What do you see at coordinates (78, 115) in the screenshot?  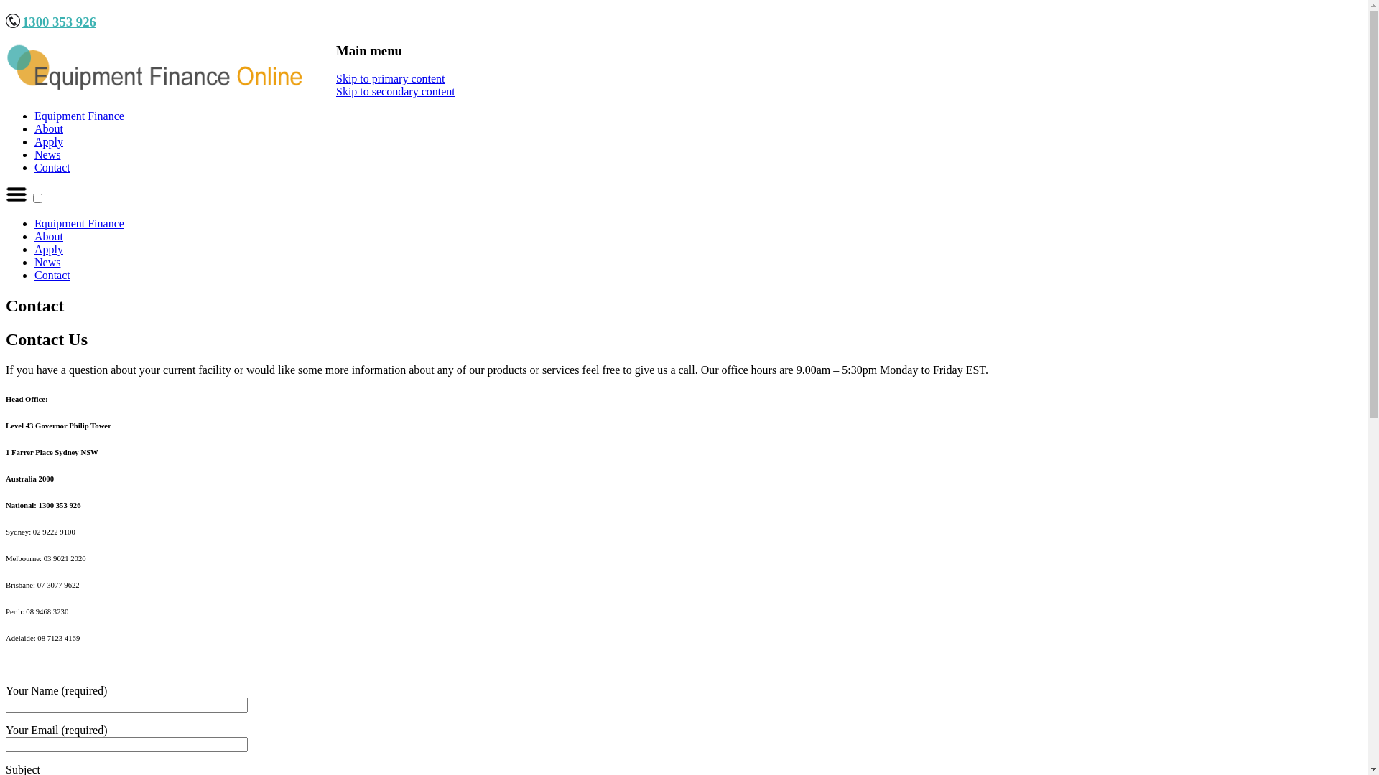 I see `'Equipment Finance'` at bounding box center [78, 115].